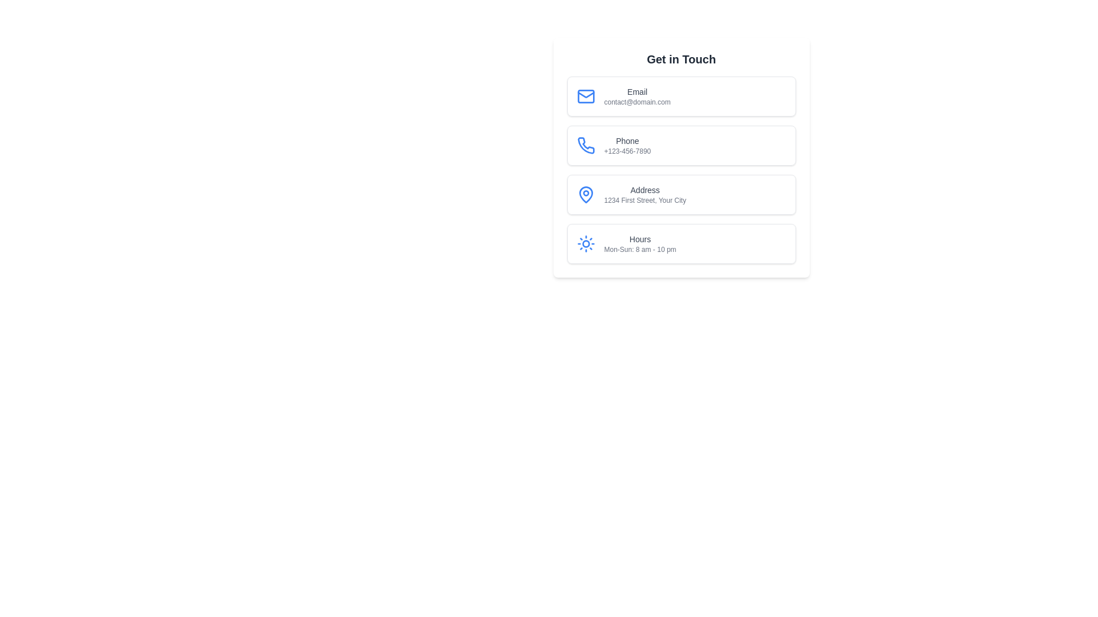  I want to click on the Information Card that displays contact details related to a phone number, located in the 'Get in Touch' panel, positioned between the Email and Address sections, so click(681, 158).